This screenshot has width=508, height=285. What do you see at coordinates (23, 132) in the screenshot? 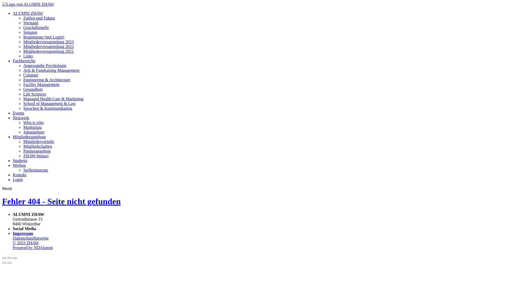
I see `'Jobangebote'` at bounding box center [23, 132].